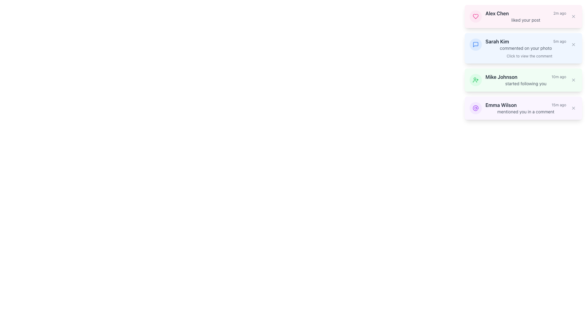  I want to click on the Text Label that displays the name of the user associated with the notification card, which is positioned at the top left within a green notification card, so click(501, 76).